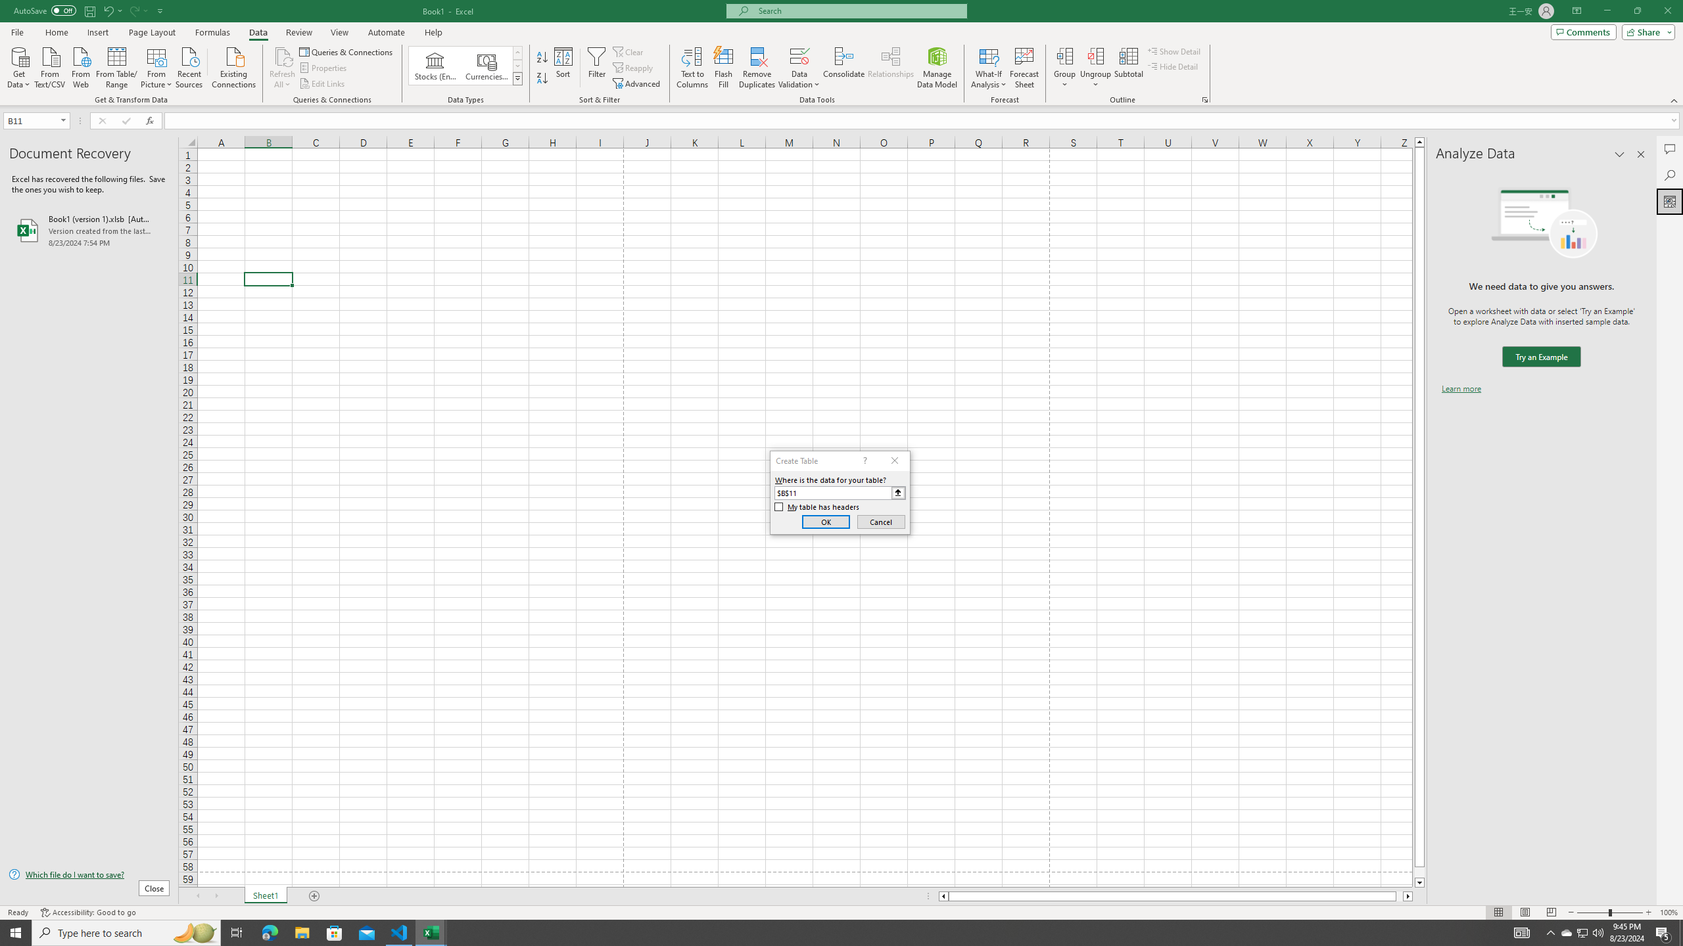 This screenshot has height=946, width=1683. I want to click on 'Stocks (English)', so click(434, 65).